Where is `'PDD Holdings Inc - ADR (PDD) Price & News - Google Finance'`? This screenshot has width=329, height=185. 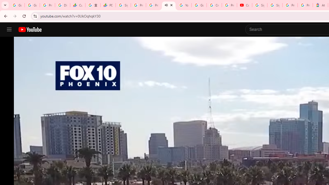 'PDD Holdings Inc - ADR (PDD) Price & News - Google Finance' is located at coordinates (108, 5).